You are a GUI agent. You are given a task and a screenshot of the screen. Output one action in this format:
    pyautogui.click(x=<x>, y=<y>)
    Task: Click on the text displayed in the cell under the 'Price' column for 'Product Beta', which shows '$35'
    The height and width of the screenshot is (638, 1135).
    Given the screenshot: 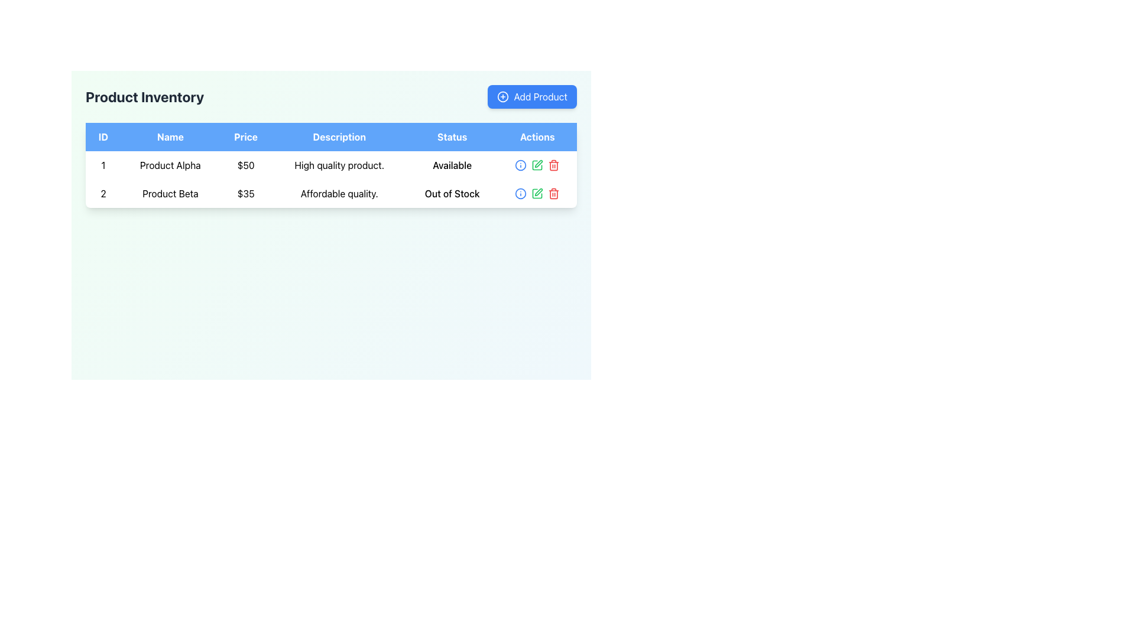 What is the action you would take?
    pyautogui.click(x=245, y=193)
    